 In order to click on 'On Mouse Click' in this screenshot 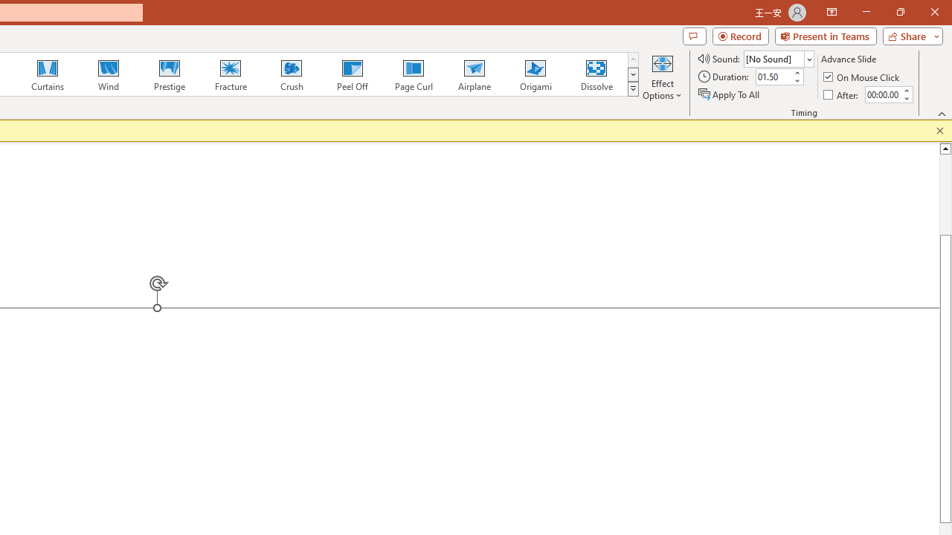, I will do `click(862, 77)`.